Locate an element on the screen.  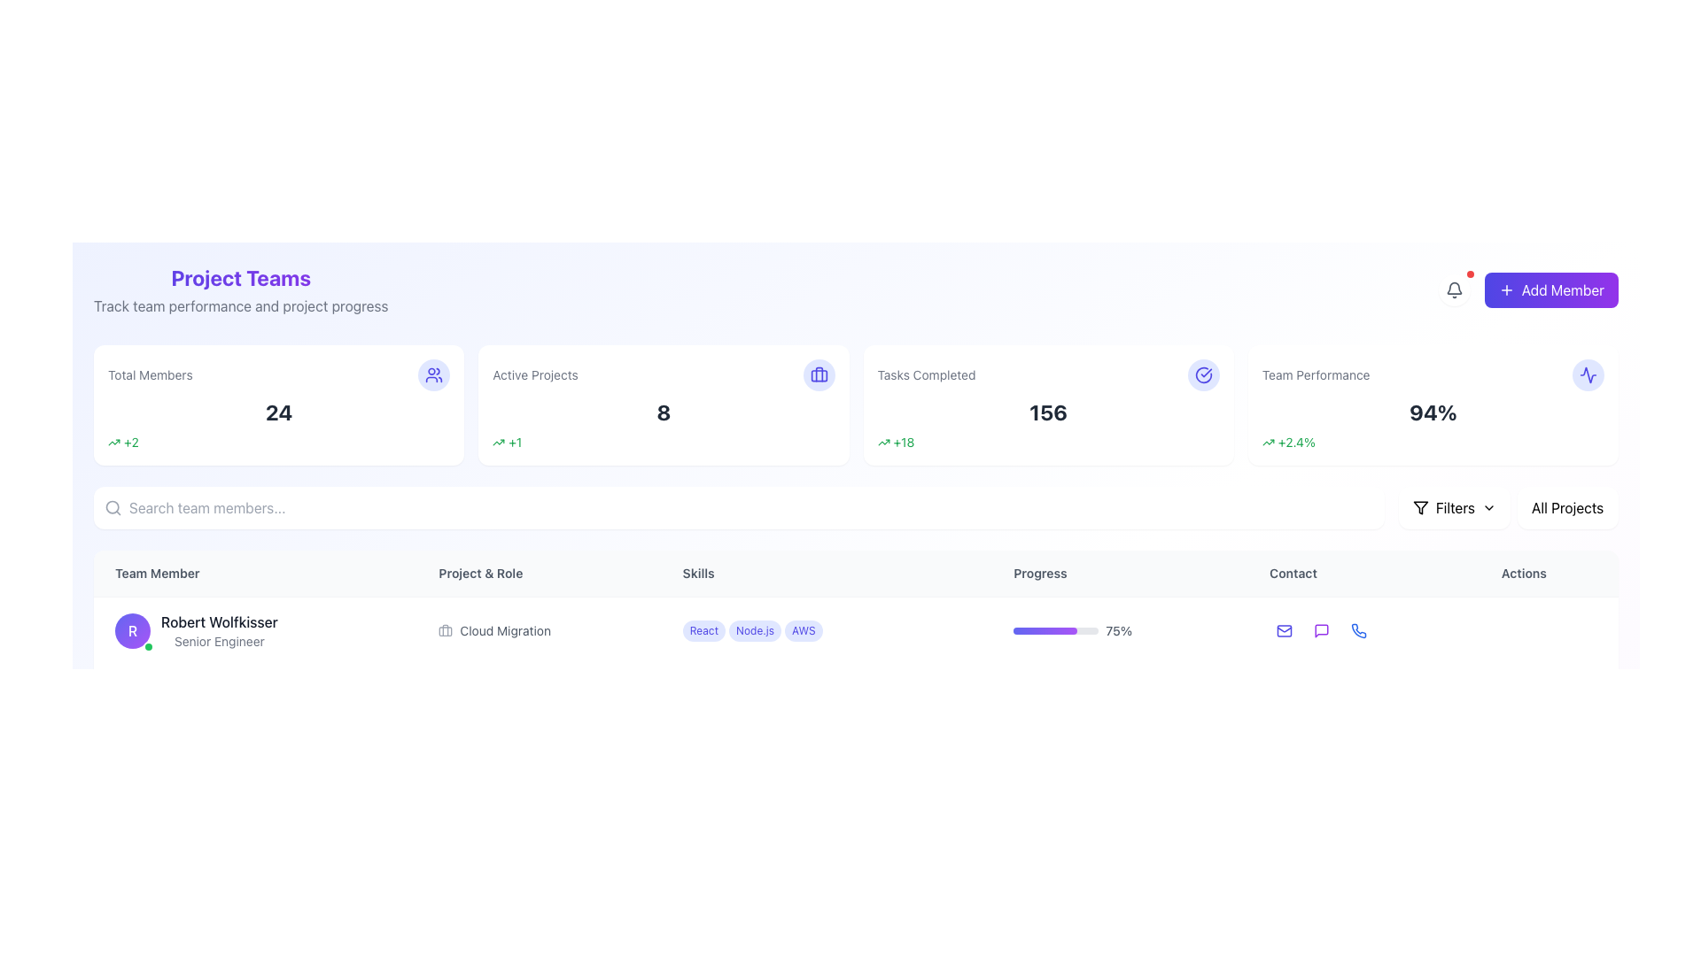
the Text Label that displays the progress percentage (75%) located to the right of the progress bar in the 'Progress' column of the table row is located at coordinates (1118, 630).